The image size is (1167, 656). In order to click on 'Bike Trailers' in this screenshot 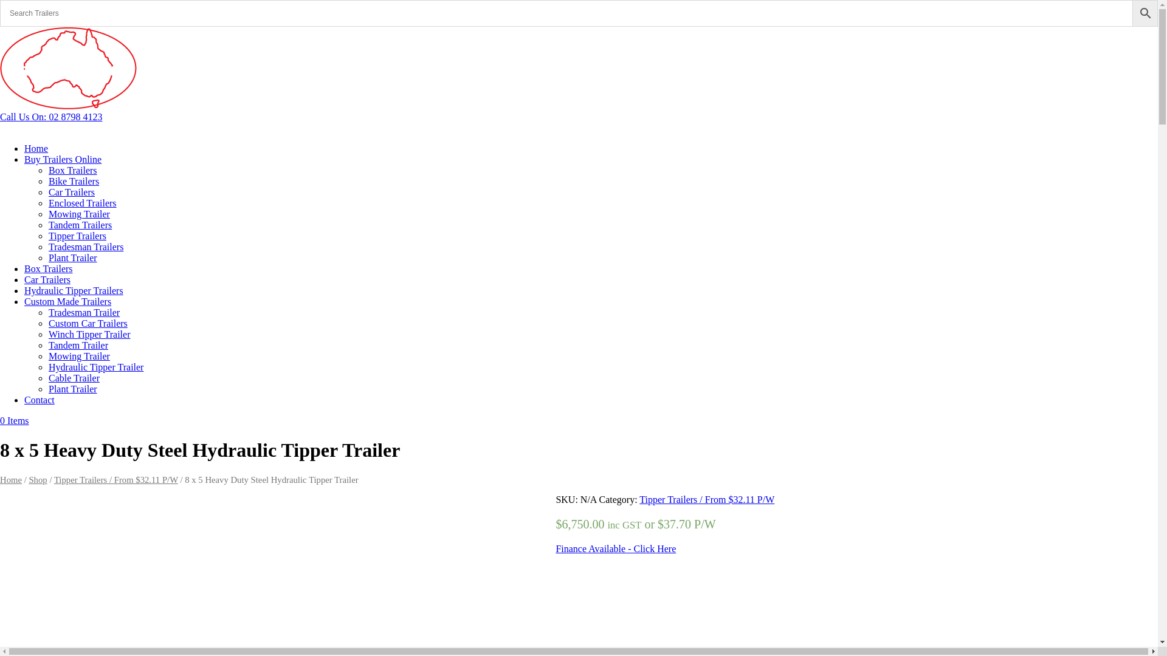, I will do `click(73, 181)`.